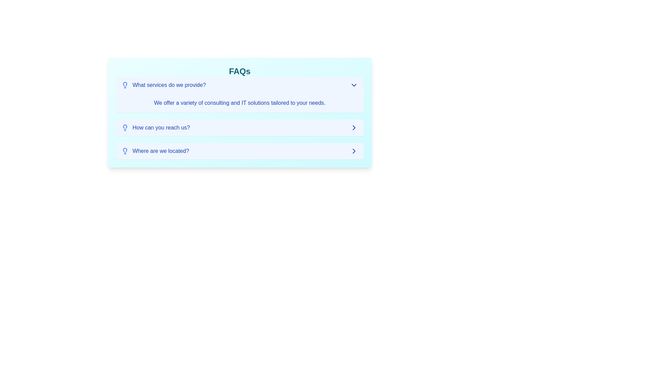  Describe the element at coordinates (240, 127) in the screenshot. I see `the second Interactive FAQ item located between 'What services do we provide?' and 'Where are we located?'` at that location.